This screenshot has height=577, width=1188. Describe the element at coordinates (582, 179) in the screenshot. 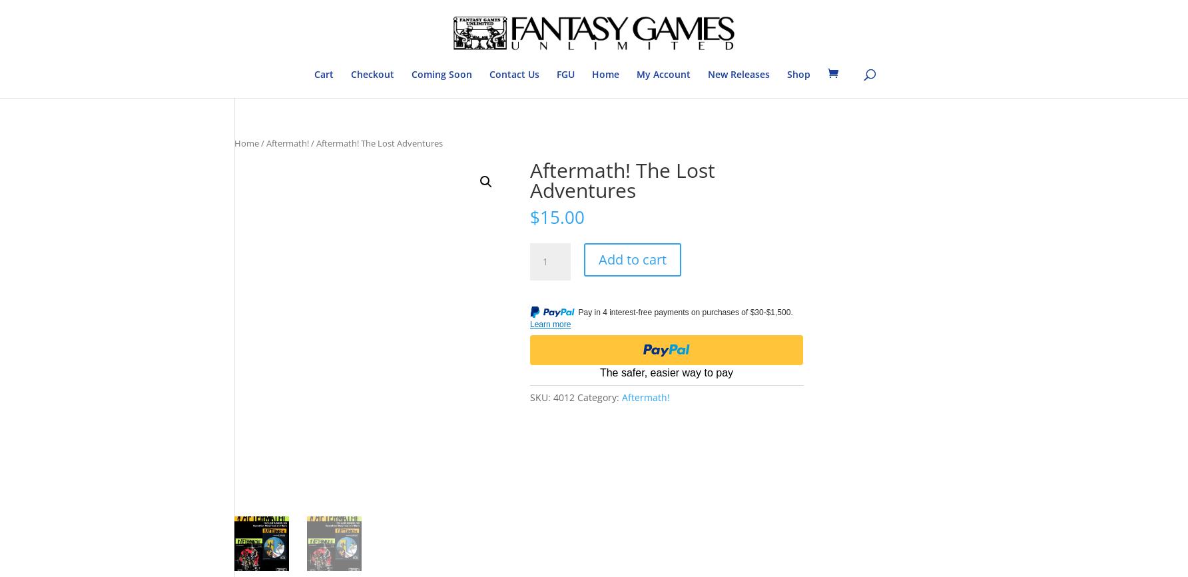

I see `'Daredevils'` at that location.